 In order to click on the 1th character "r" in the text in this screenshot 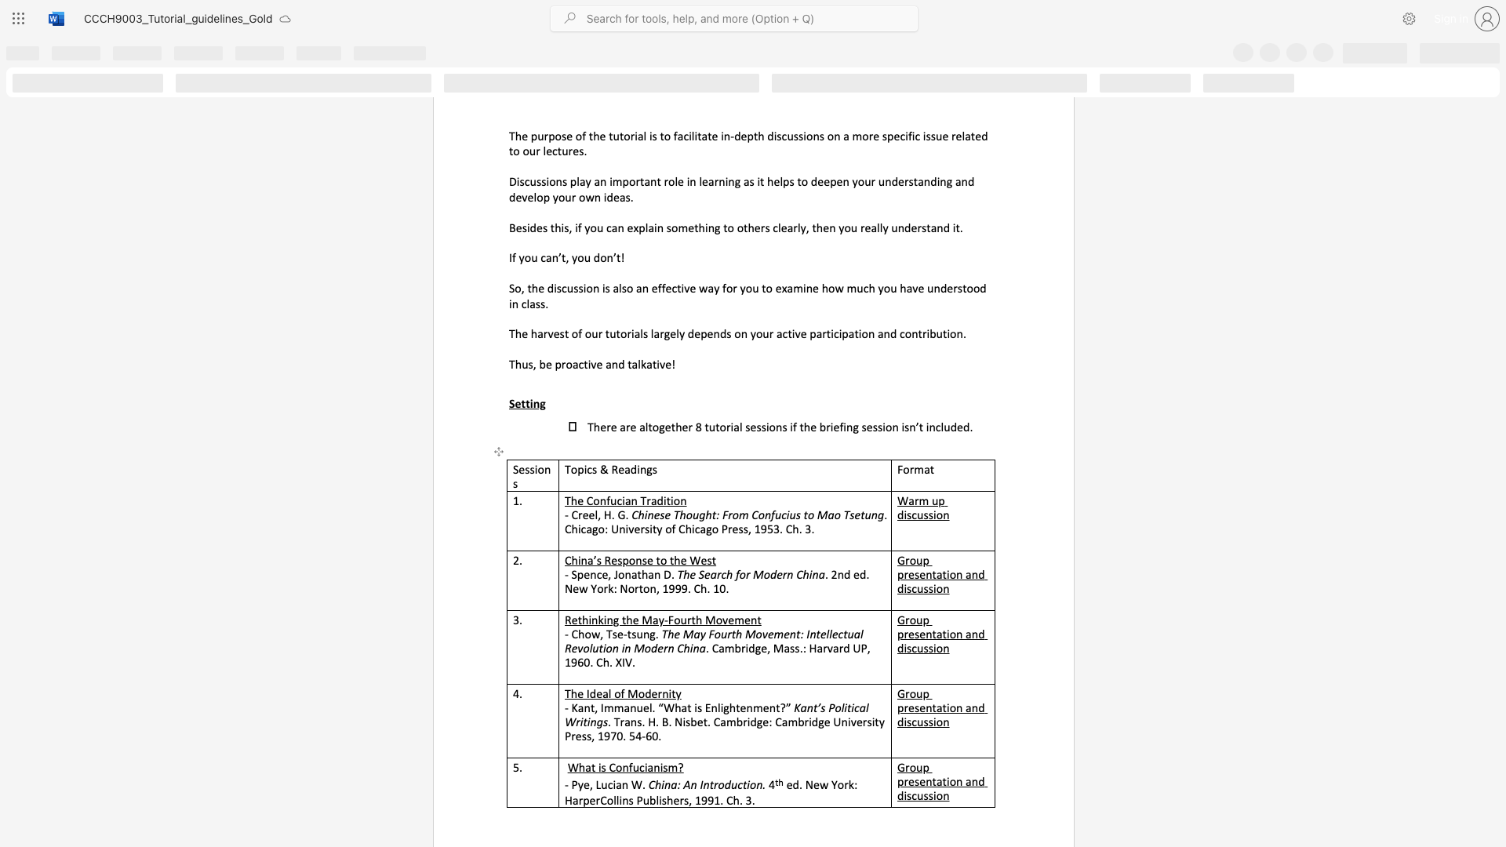, I will do `click(660, 693)`.